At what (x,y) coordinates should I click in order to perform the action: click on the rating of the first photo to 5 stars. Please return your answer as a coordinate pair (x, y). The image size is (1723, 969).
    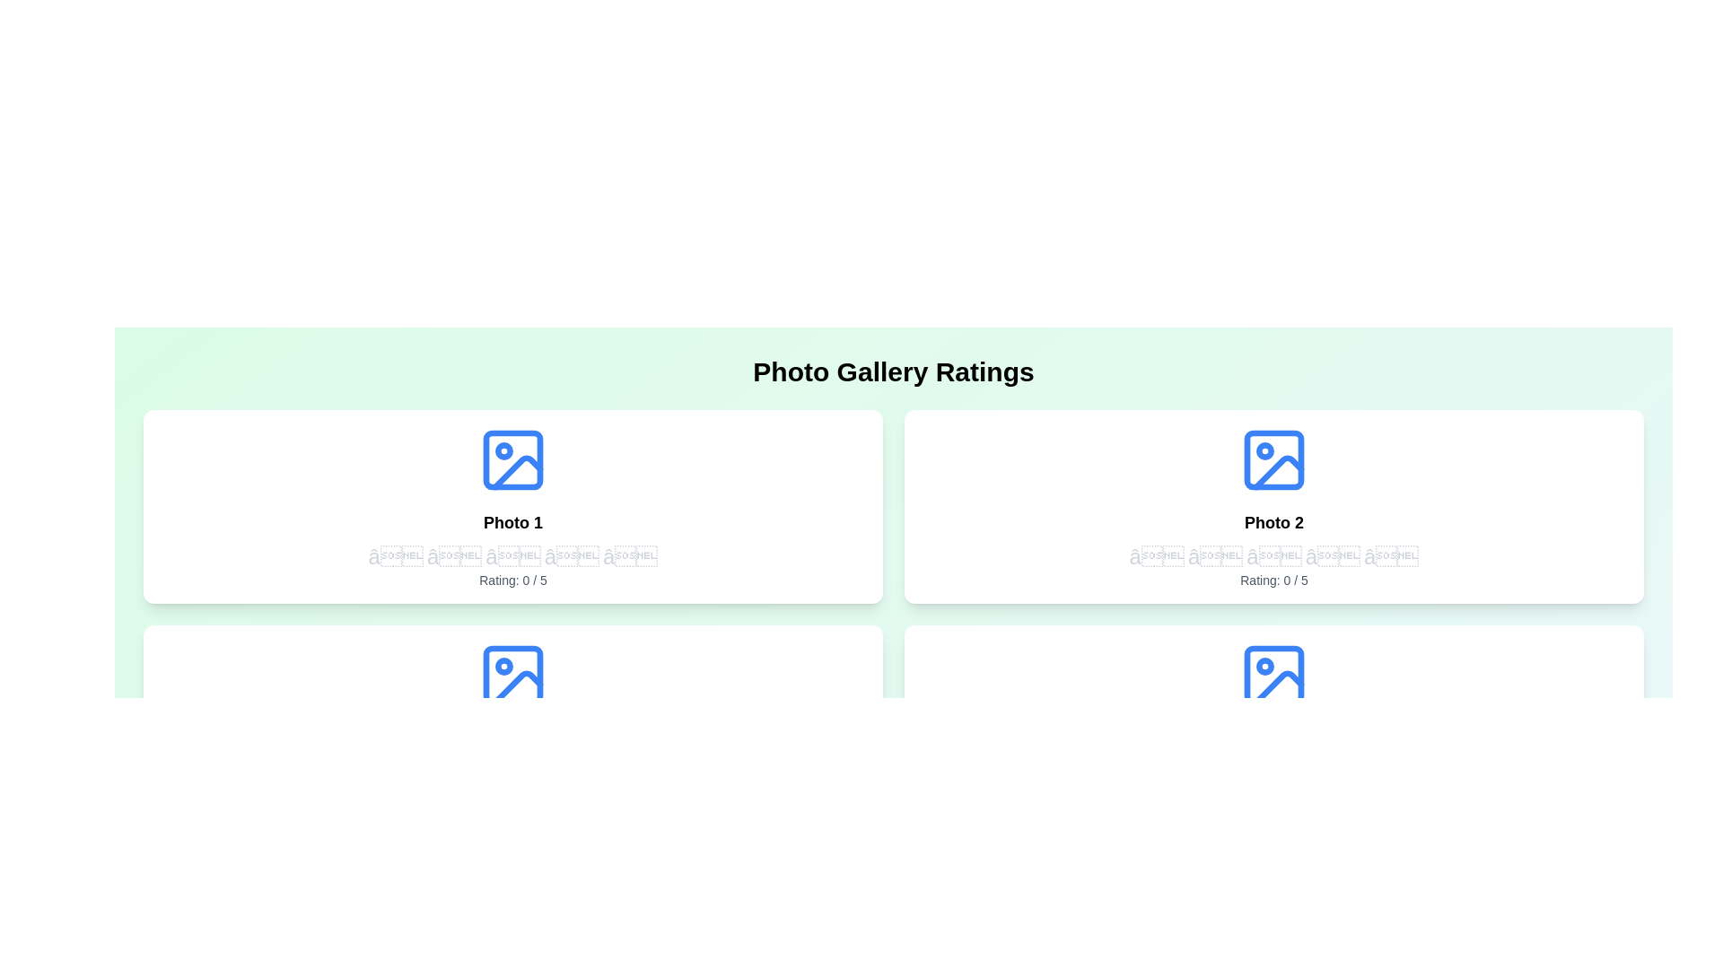
    Looking at the image, I should click on (630, 556).